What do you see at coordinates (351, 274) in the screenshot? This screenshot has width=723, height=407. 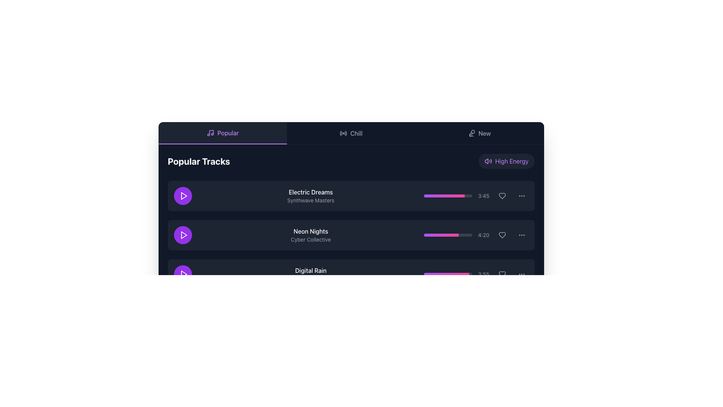 I see `the duration '3:55' of the track titled 'Digital Rain' by 'The Algorithm'` at bounding box center [351, 274].